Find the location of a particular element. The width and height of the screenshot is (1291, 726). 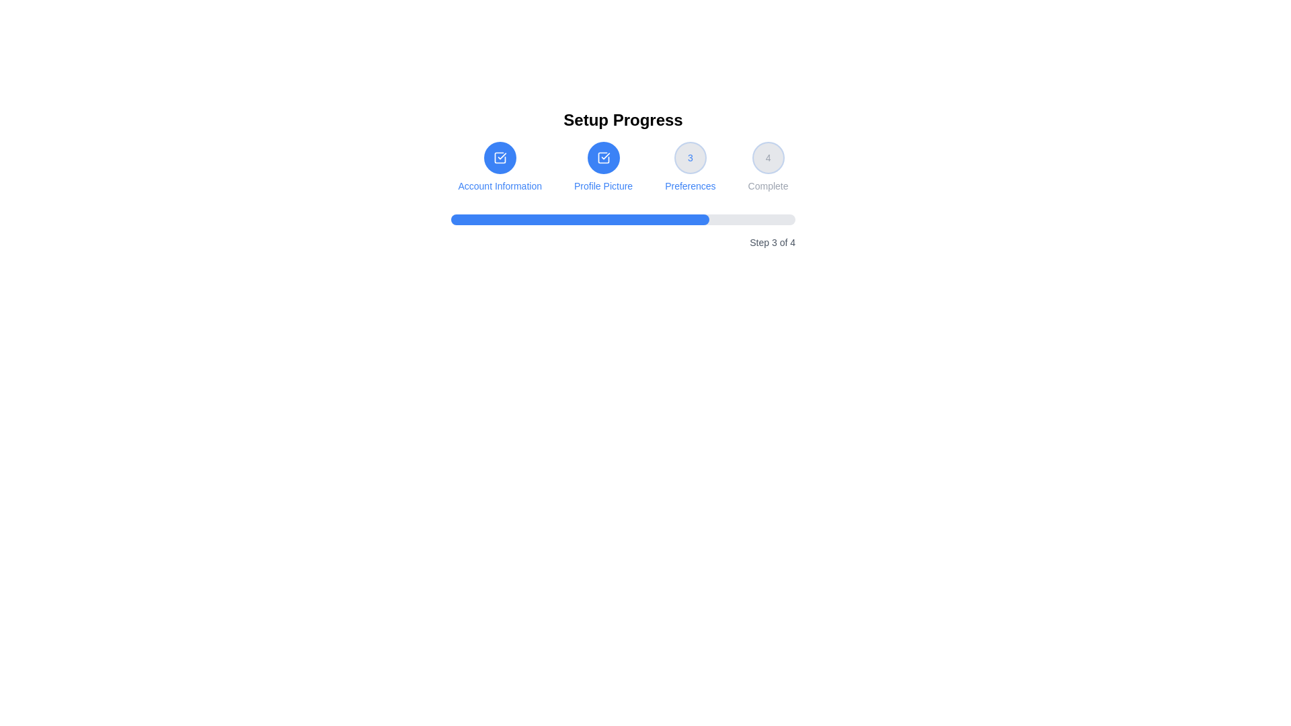

the third step indicator labeled 'Preferences' in the setup progress process is located at coordinates (690, 167).